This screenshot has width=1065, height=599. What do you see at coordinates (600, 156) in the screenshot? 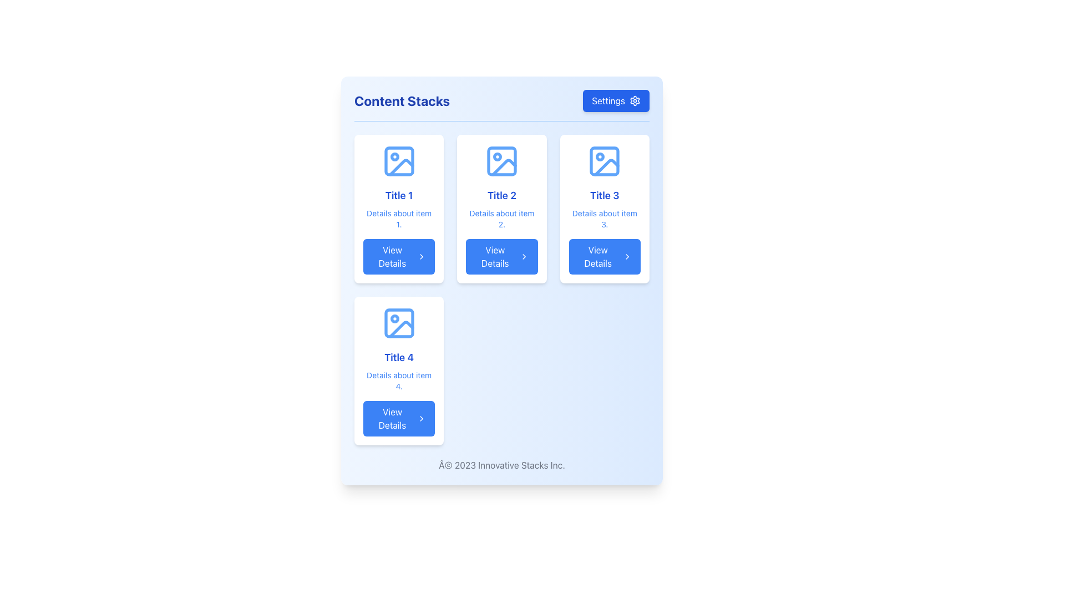
I see `the small circular icon located in the top-right corner of the image representing 'Title 3'` at bounding box center [600, 156].